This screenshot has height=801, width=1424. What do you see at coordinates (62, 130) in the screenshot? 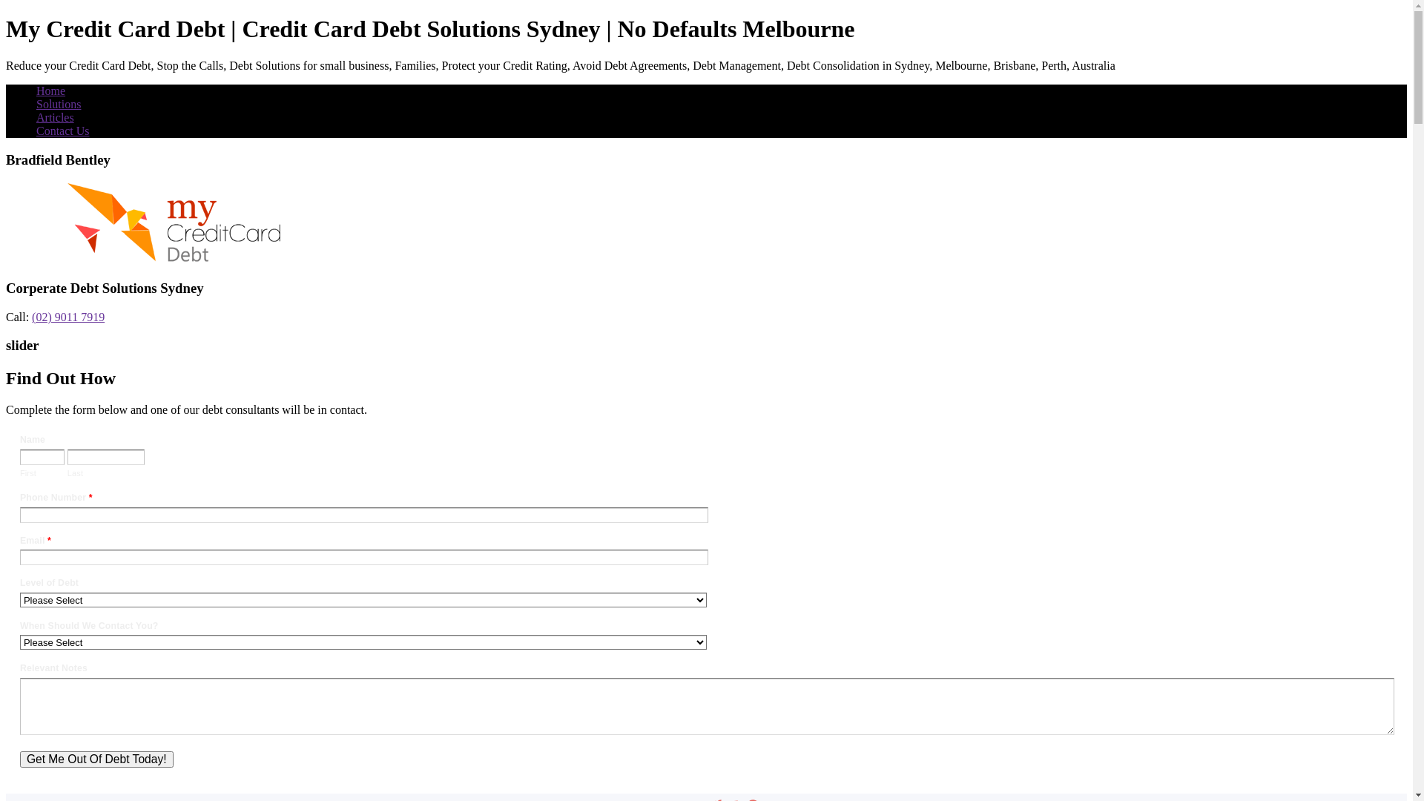
I see `'Contact Us'` at bounding box center [62, 130].